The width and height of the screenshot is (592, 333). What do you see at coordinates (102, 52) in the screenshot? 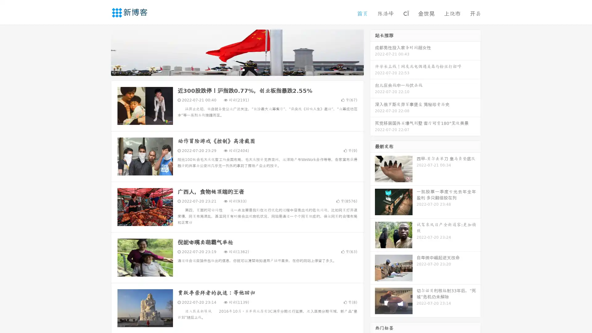
I see `Previous slide` at bounding box center [102, 52].